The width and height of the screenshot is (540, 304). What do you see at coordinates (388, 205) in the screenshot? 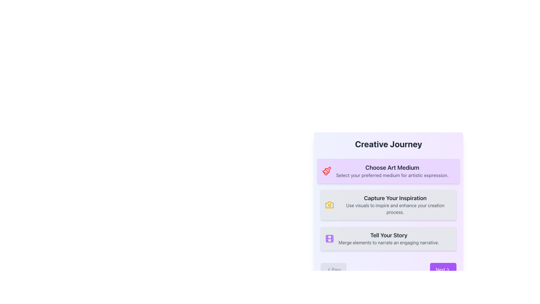
I see `the highlighted text display element titled 'Choose Art Medium' with the description 'Select your preferred medium for artistic expression.'` at bounding box center [388, 205].